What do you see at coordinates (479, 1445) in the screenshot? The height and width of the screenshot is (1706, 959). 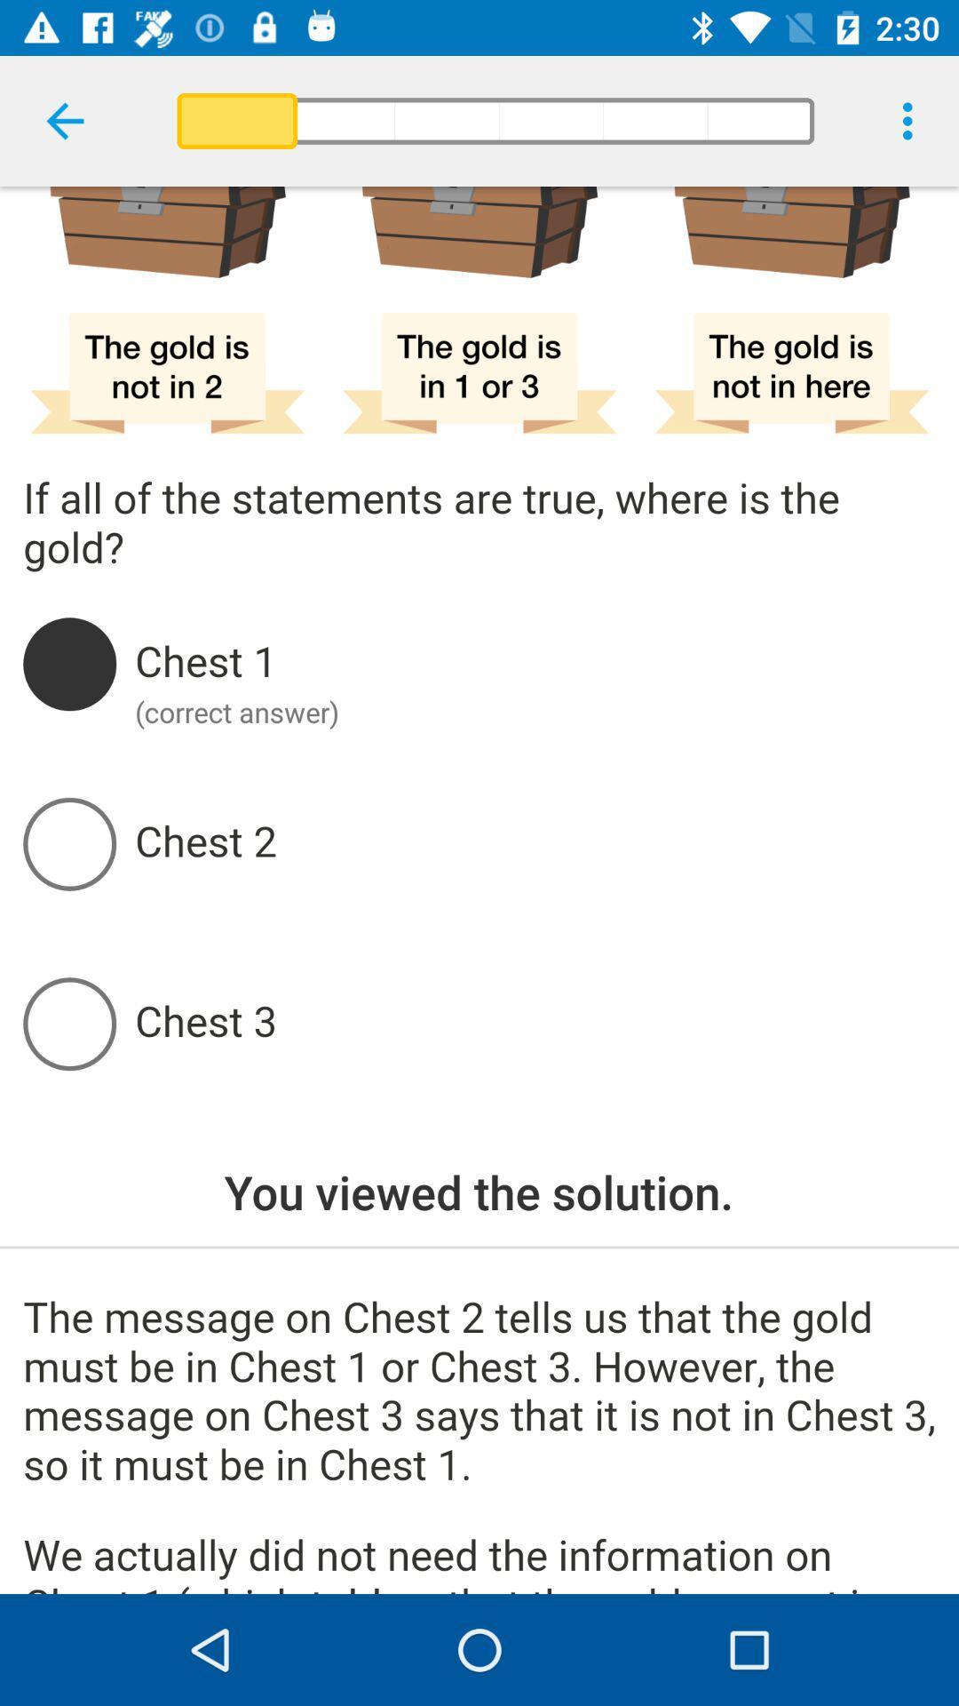 I see `more information` at bounding box center [479, 1445].